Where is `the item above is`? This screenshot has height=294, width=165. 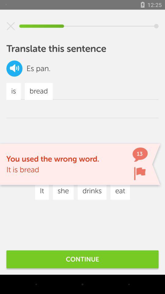
the item above is is located at coordinates (14, 68).